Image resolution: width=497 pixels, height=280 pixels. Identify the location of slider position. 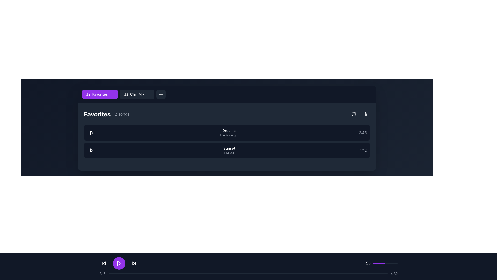
(390, 263).